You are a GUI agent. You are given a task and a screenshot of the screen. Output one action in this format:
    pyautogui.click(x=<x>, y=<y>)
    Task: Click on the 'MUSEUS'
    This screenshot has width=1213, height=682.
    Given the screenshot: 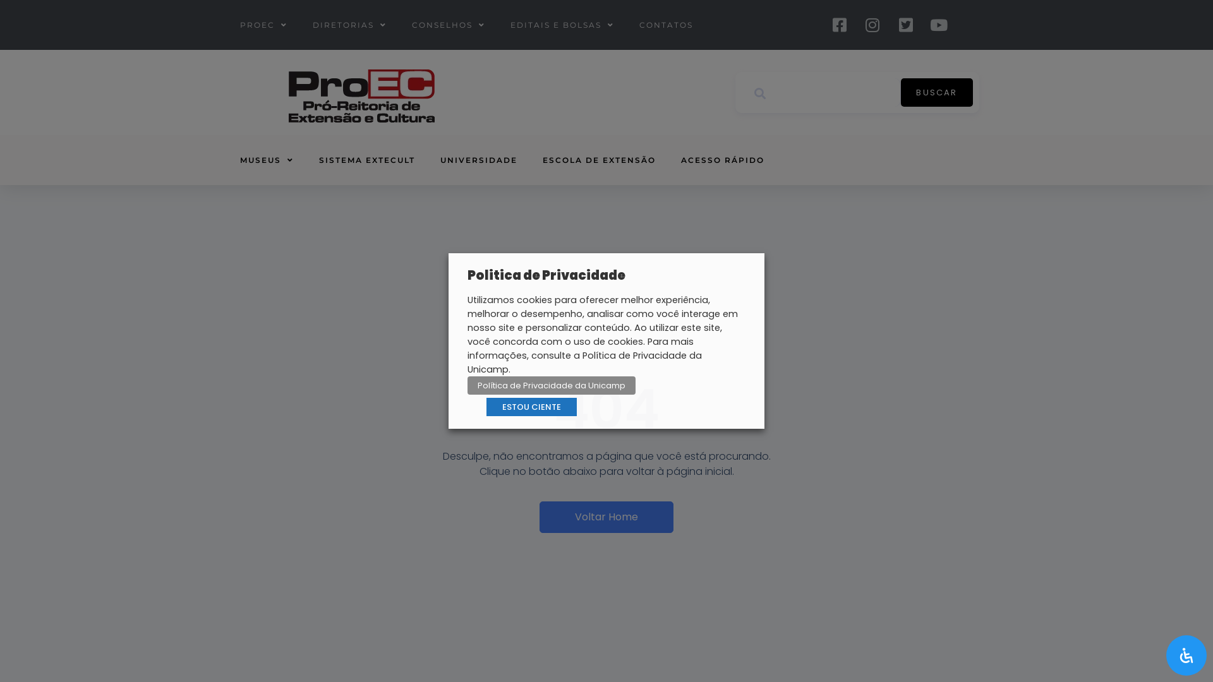 What is the action you would take?
    pyautogui.click(x=227, y=159)
    